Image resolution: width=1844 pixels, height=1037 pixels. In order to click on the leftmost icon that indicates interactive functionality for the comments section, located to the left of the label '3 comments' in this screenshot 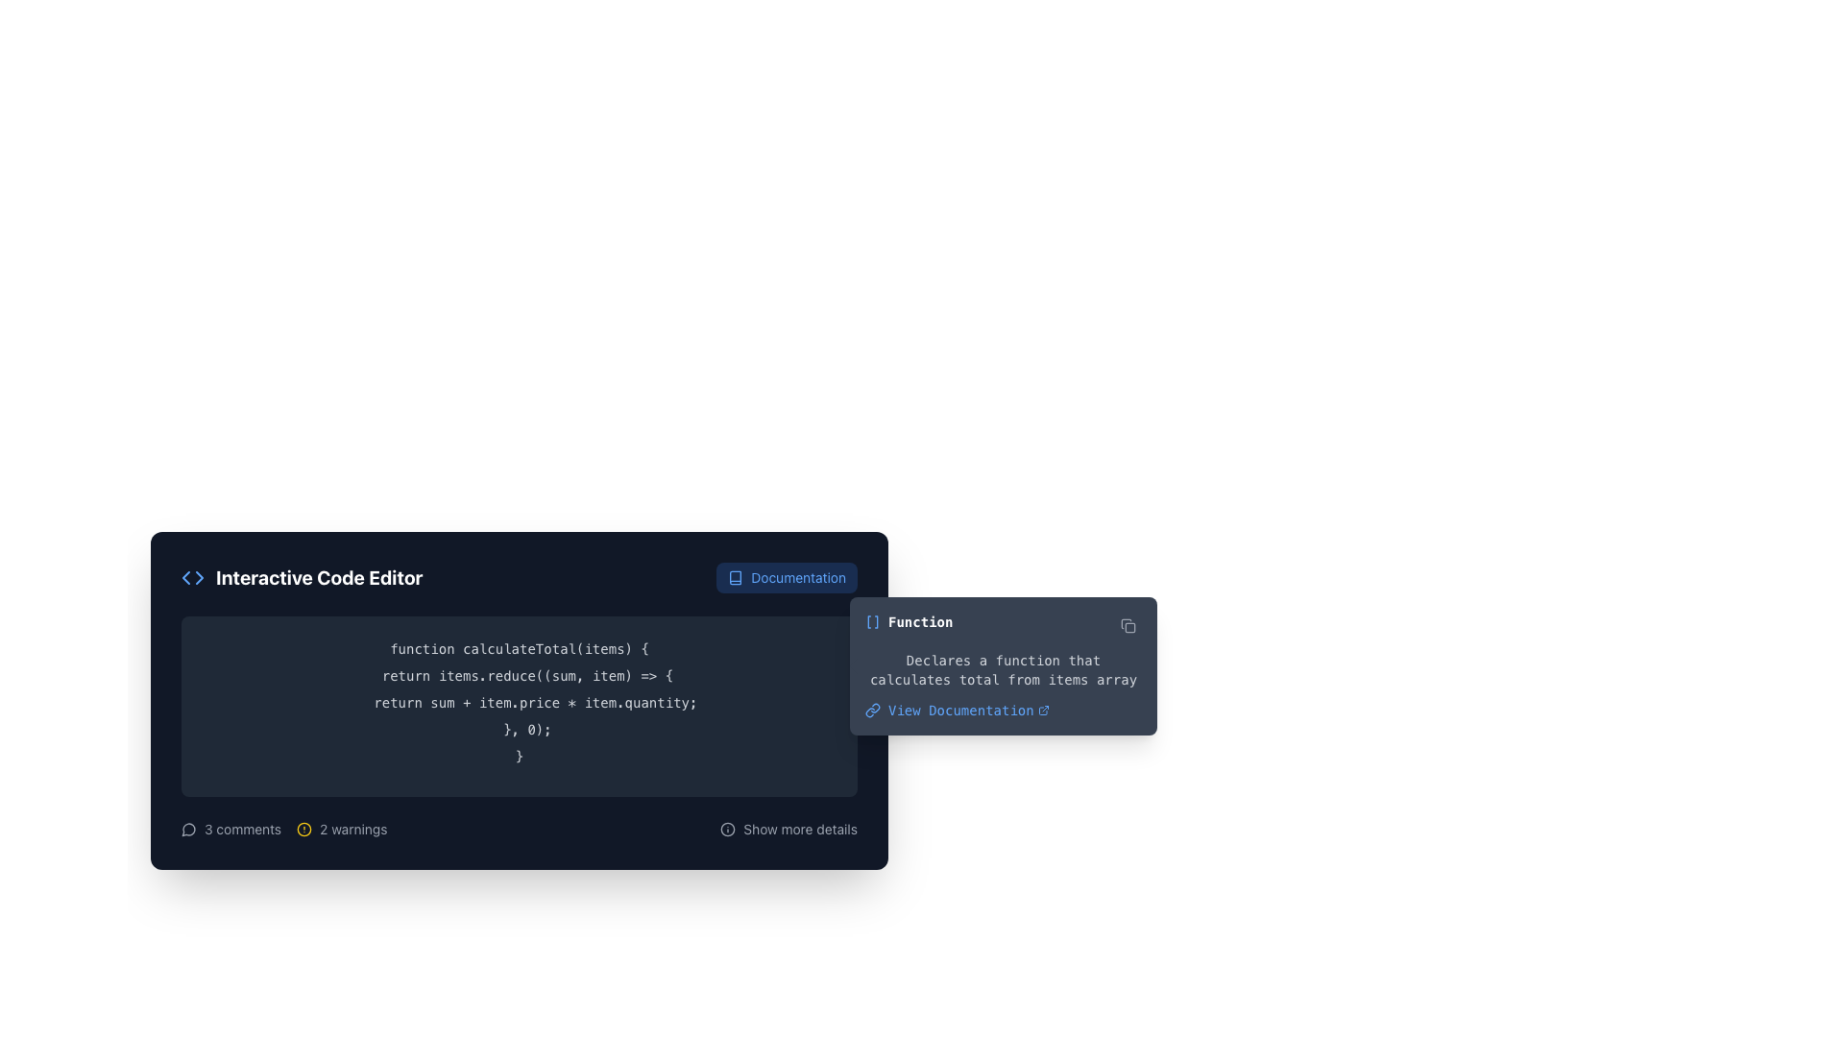, I will do `click(188, 829)`.